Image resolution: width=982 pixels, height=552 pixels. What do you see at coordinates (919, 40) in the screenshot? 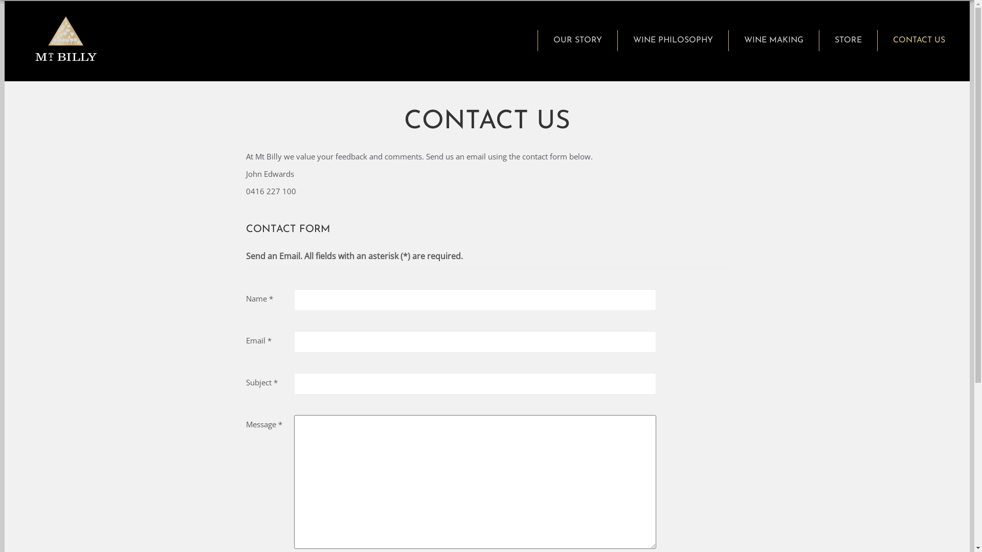
I see `'CONTACT US'` at bounding box center [919, 40].